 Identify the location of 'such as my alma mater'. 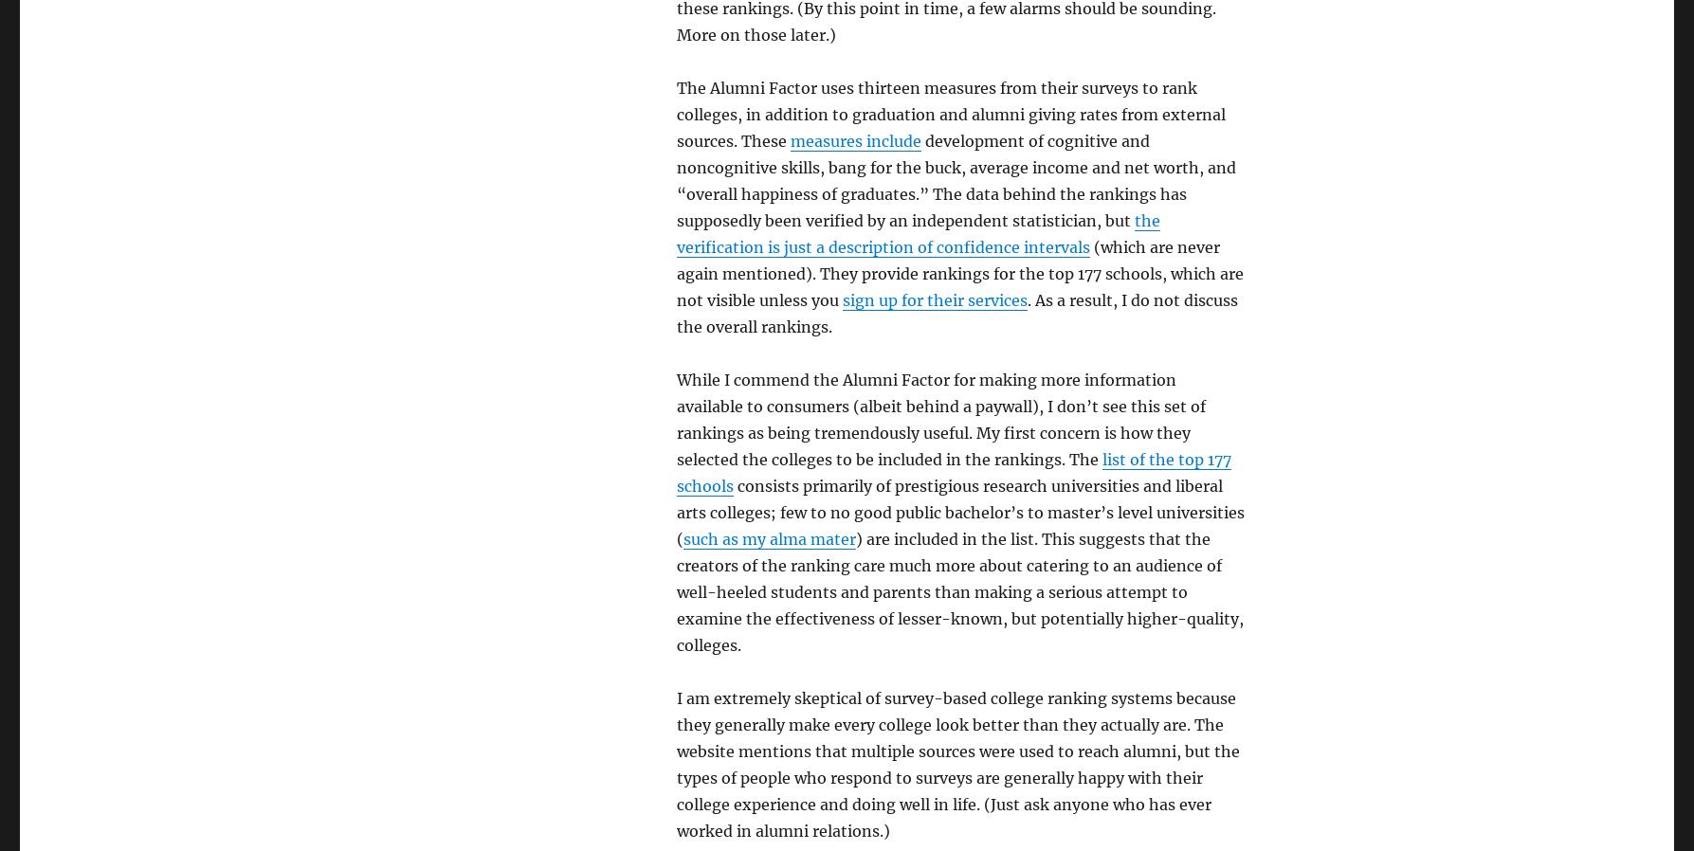
(768, 537).